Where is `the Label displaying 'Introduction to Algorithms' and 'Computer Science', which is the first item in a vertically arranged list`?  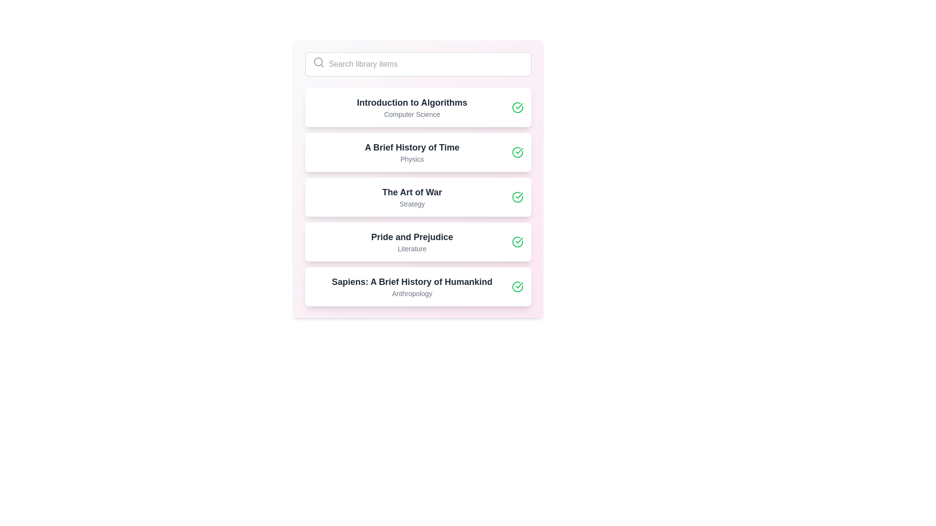 the Label displaying 'Introduction to Algorithms' and 'Computer Science', which is the first item in a vertically arranged list is located at coordinates (412, 107).